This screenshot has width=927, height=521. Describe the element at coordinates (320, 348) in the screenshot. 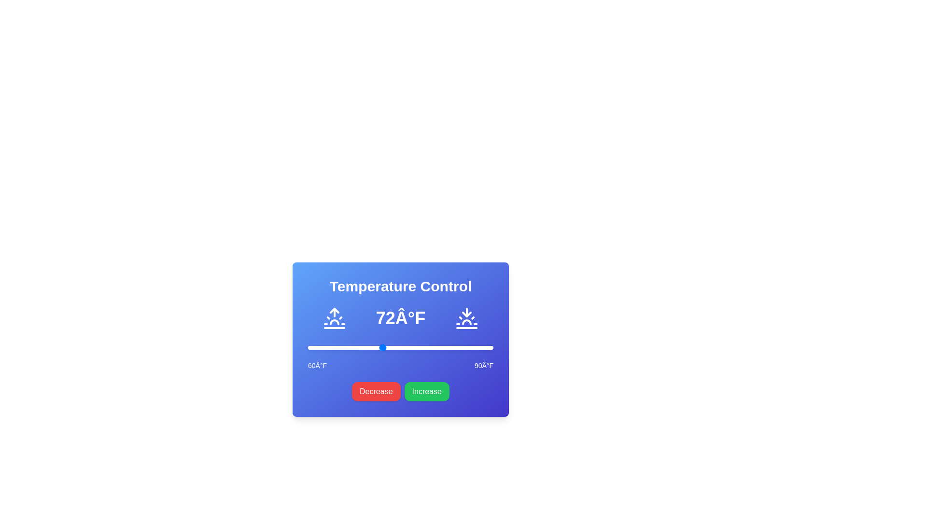

I see `the temperature to 62°F using the slider` at that location.